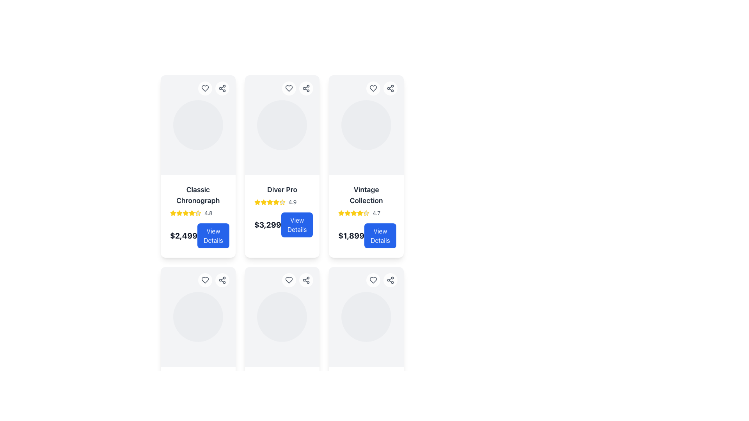 This screenshot has width=749, height=421. I want to click on the blue 'View Details' button with white text located at the lower-right corner of the 'Classic Chronograph' card, so click(213, 235).